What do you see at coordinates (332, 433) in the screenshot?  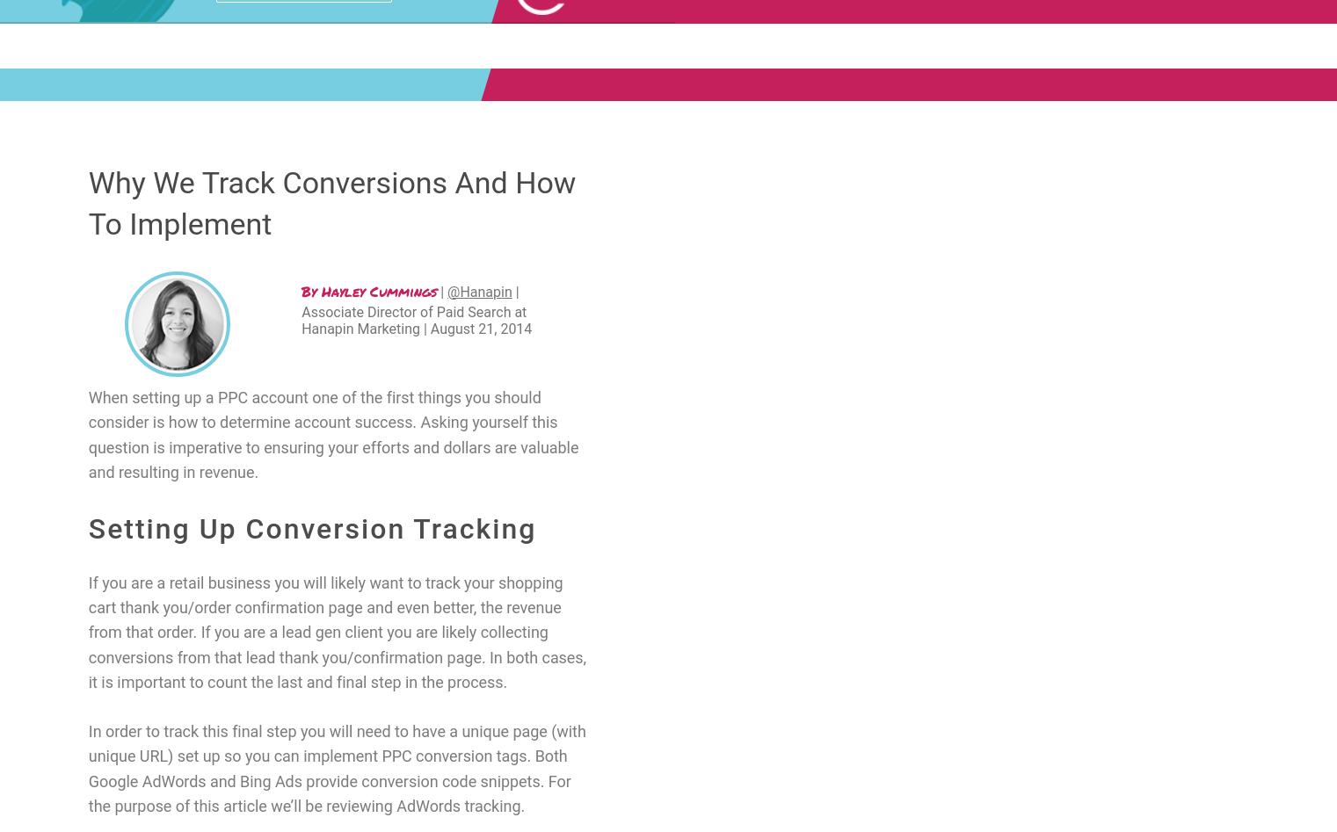 I see `'When setting up a PPC account one of the first things you should consider is how to determine account success. Asking yourself this question is imperative to ensuring your efforts and dollars are valuable and resulting in revenue.'` at bounding box center [332, 433].